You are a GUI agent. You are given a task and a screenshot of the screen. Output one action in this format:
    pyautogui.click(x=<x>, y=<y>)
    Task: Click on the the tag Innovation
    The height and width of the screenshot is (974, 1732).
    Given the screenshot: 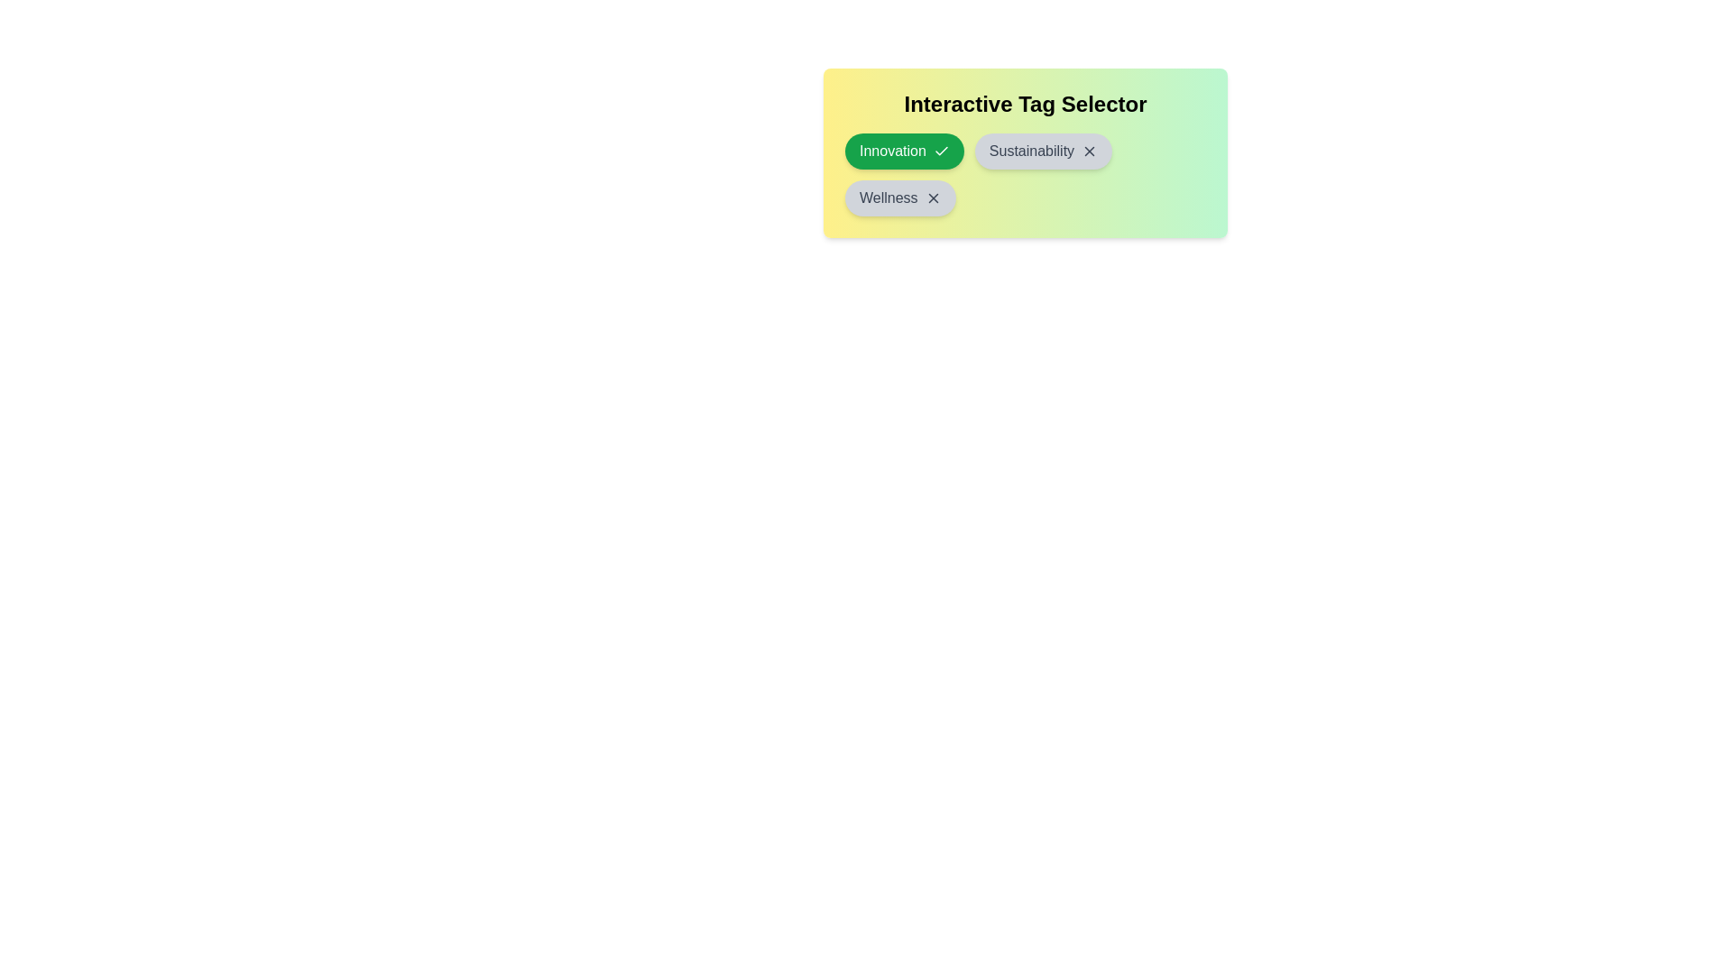 What is the action you would take?
    pyautogui.click(x=905, y=151)
    